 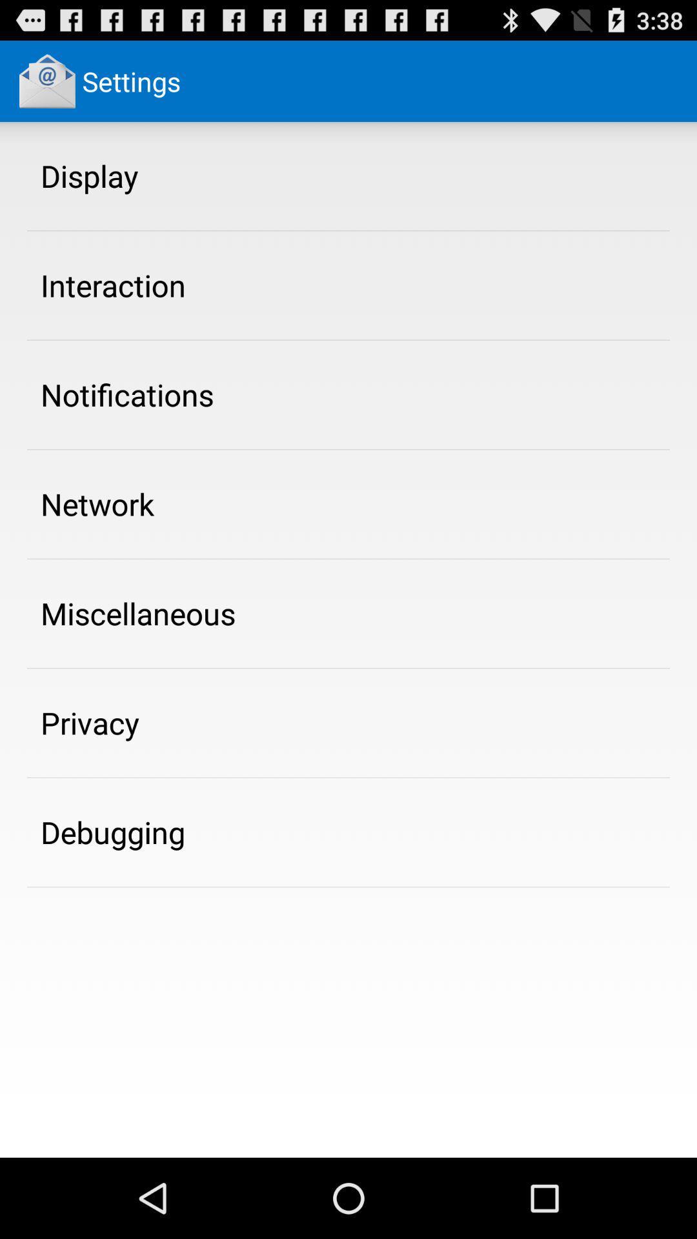 I want to click on item above interaction, so click(x=88, y=175).